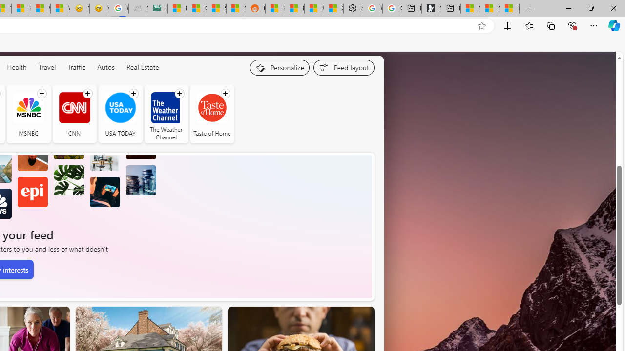 Image resolution: width=625 pixels, height=351 pixels. What do you see at coordinates (74, 114) in the screenshot?
I see `'CNN'` at bounding box center [74, 114].